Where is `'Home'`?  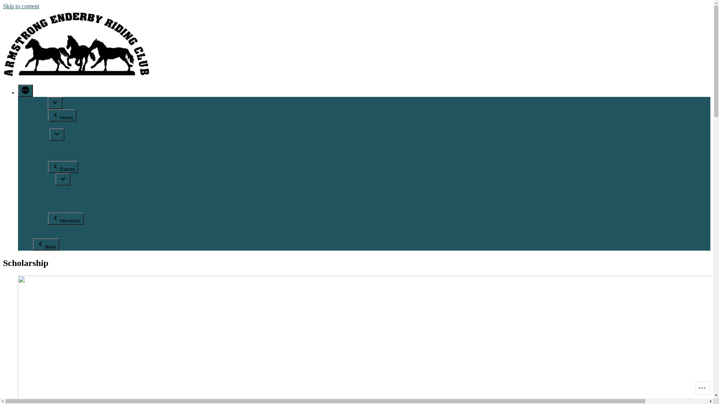
'Home' is located at coordinates (62, 115).